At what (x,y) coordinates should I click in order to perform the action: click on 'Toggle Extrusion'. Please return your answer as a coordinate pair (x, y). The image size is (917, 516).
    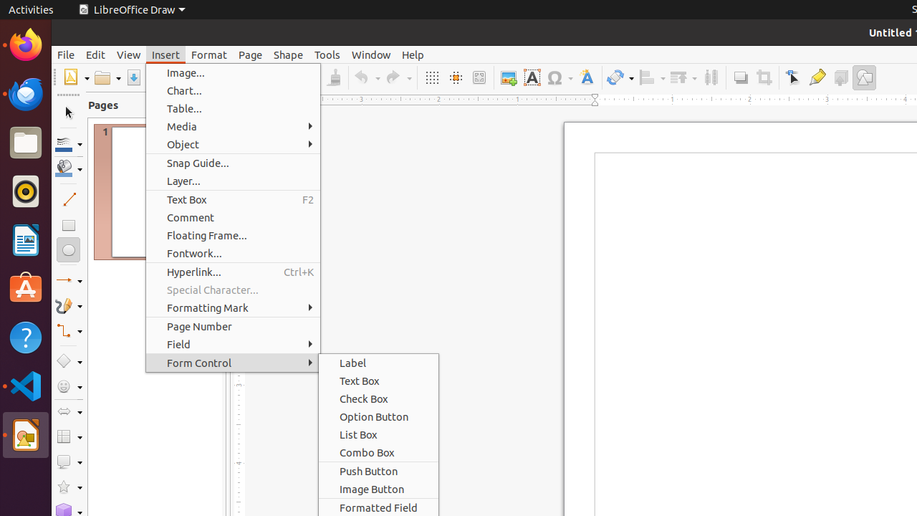
    Looking at the image, I should click on (840, 77).